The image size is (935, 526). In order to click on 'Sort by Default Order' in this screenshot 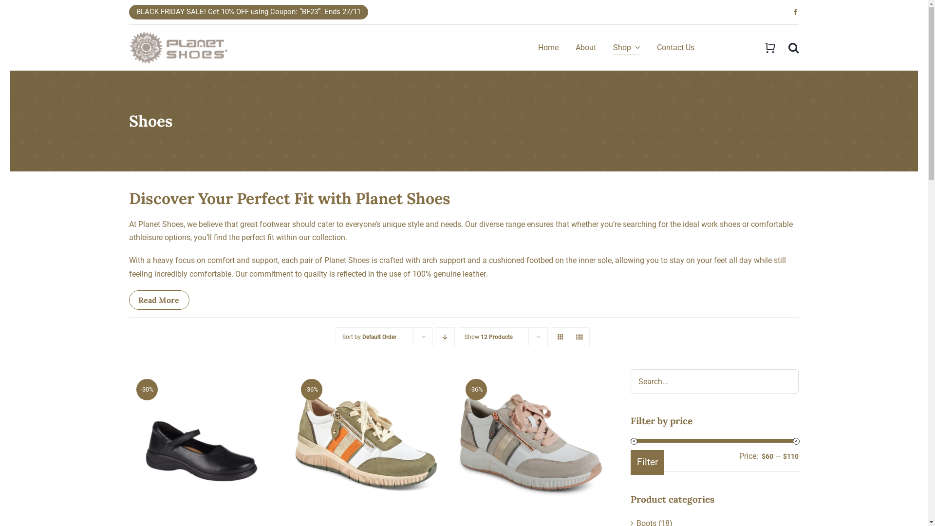, I will do `click(368, 336)`.